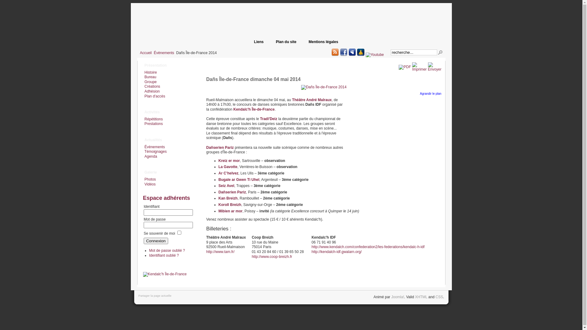 The image size is (587, 330). Describe the element at coordinates (153, 124) in the screenshot. I see `'Prestations'` at that location.